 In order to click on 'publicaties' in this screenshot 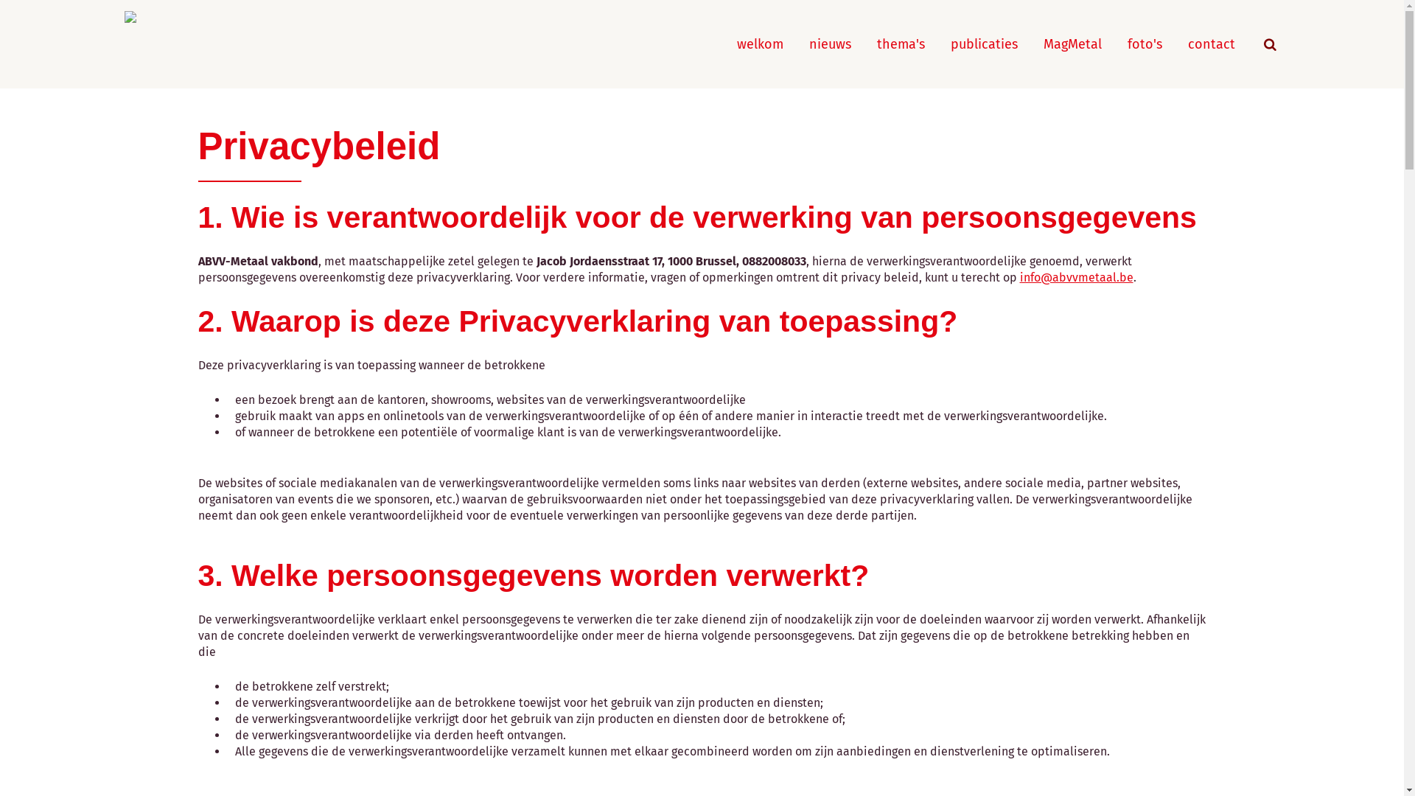, I will do `click(984, 43)`.